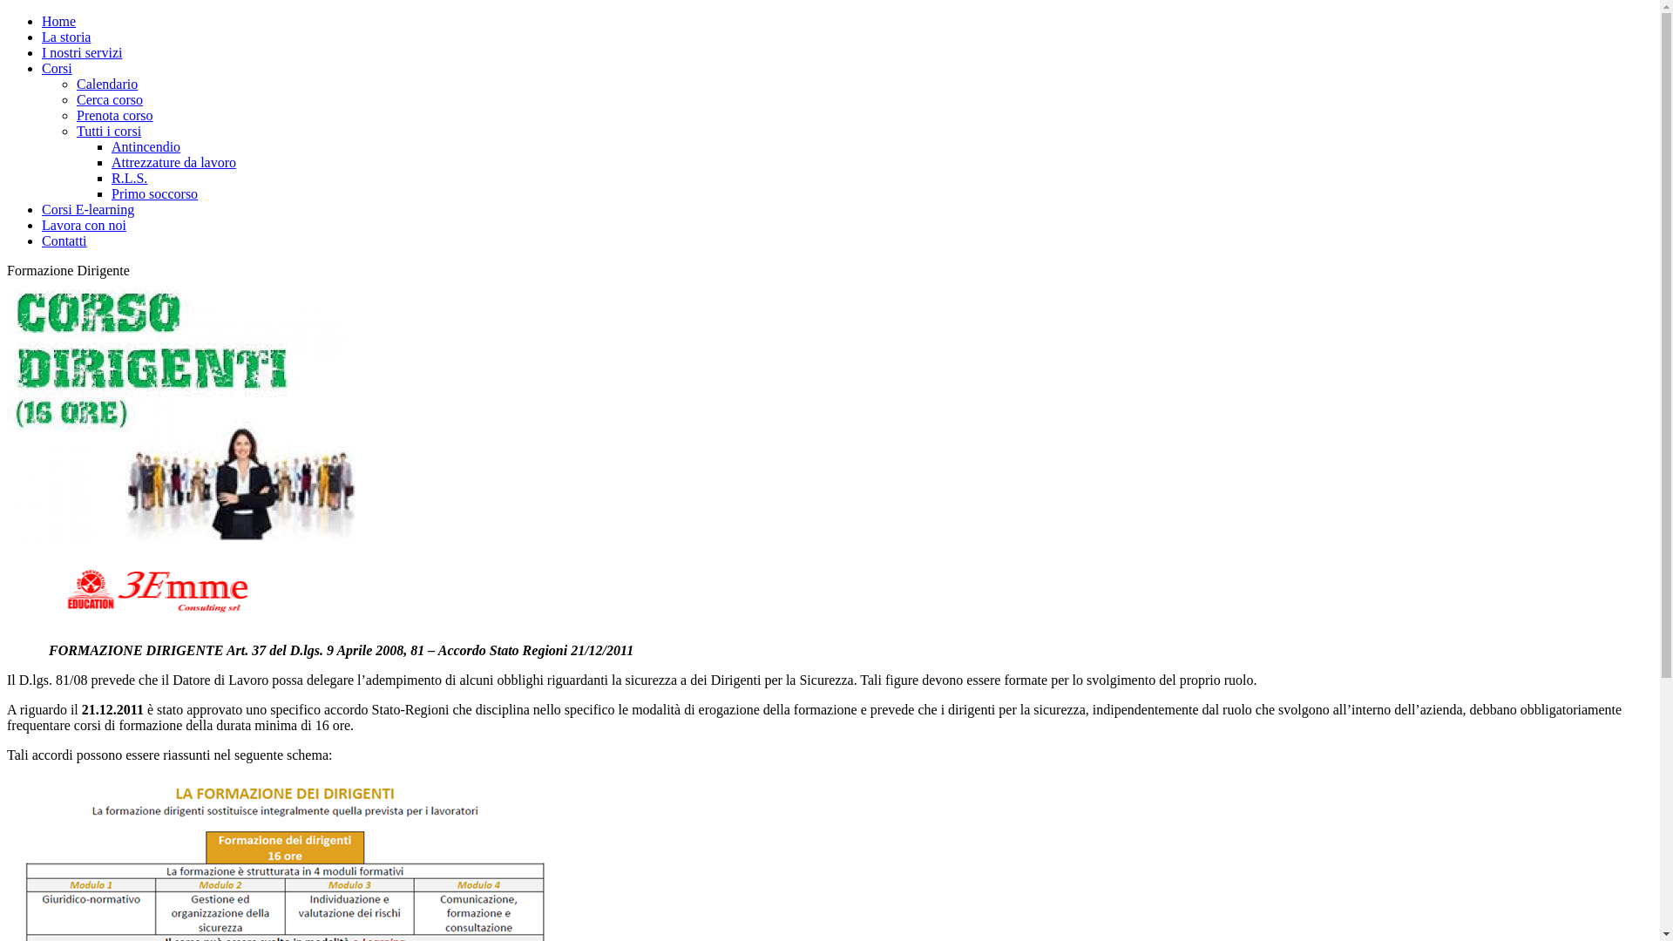 This screenshot has width=1673, height=941. What do you see at coordinates (66, 37) in the screenshot?
I see `'La storia'` at bounding box center [66, 37].